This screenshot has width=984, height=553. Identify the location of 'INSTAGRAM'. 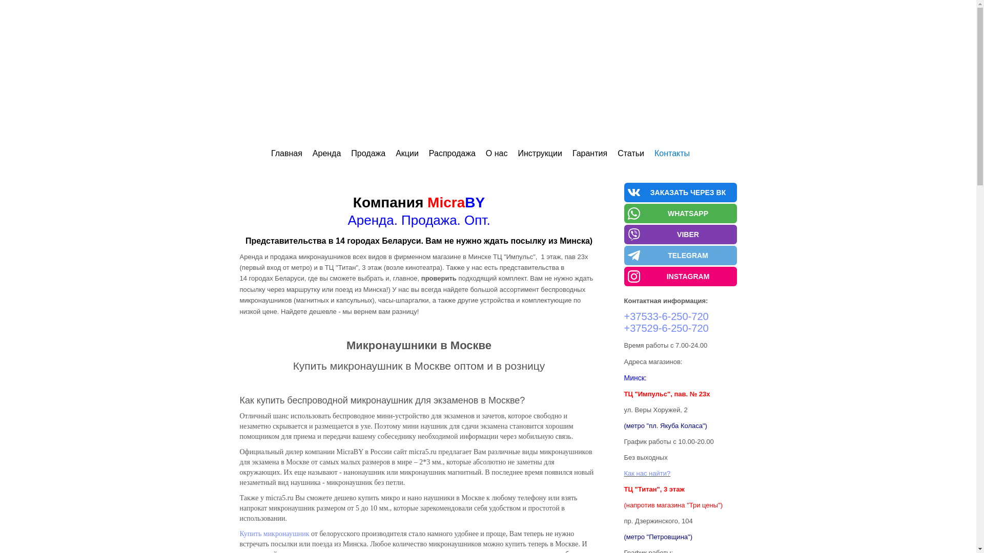
(681, 276).